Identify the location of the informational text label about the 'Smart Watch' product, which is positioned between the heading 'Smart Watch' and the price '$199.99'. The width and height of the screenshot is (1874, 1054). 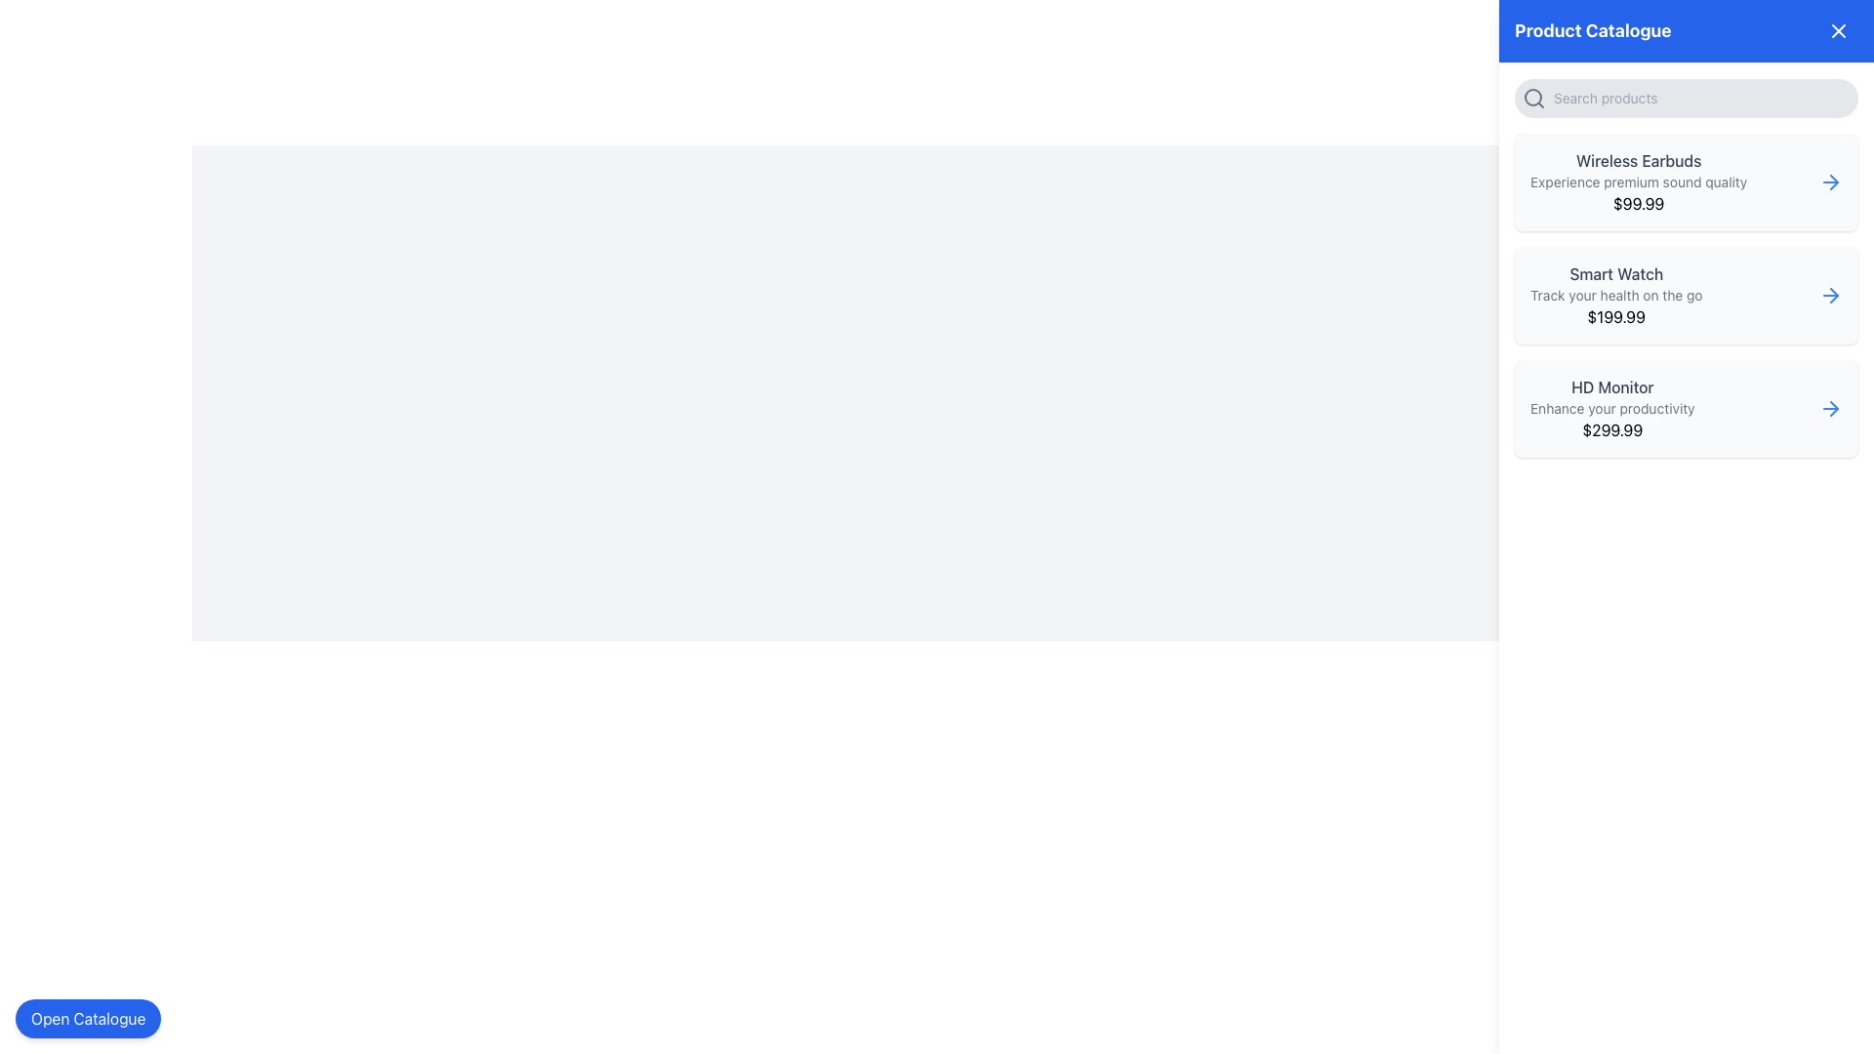
(1616, 296).